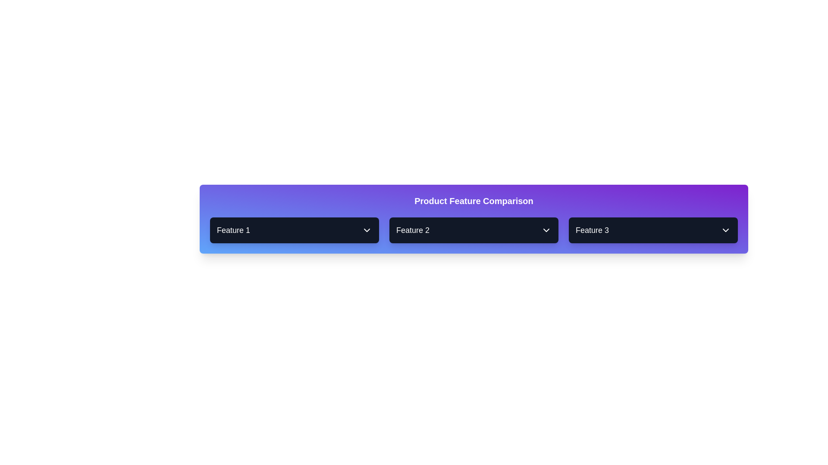 This screenshot has height=465, width=828. Describe the element at coordinates (474, 230) in the screenshot. I see `the 'Feature 2' button, which is the second option in a horizontal list of three buttons, to interact with it` at that location.